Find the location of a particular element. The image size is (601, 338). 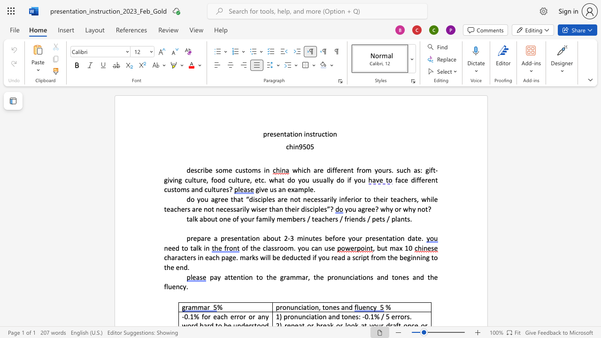

the space between the continuous character "n" and "c" in the text is located at coordinates (297, 307).